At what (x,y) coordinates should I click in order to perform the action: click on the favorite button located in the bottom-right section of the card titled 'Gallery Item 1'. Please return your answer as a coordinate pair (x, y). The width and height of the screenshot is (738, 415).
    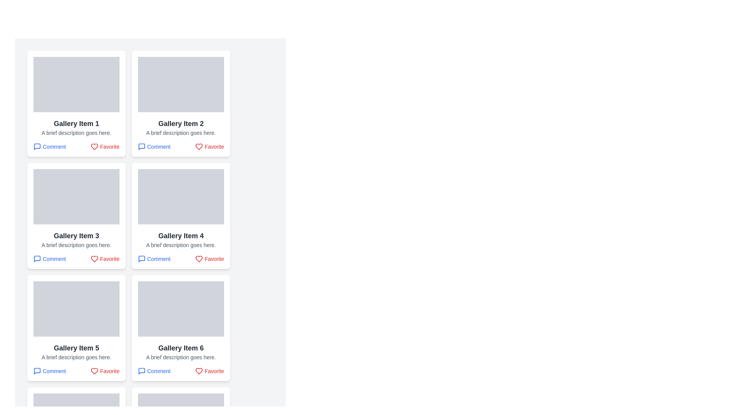
    Looking at the image, I should click on (105, 146).